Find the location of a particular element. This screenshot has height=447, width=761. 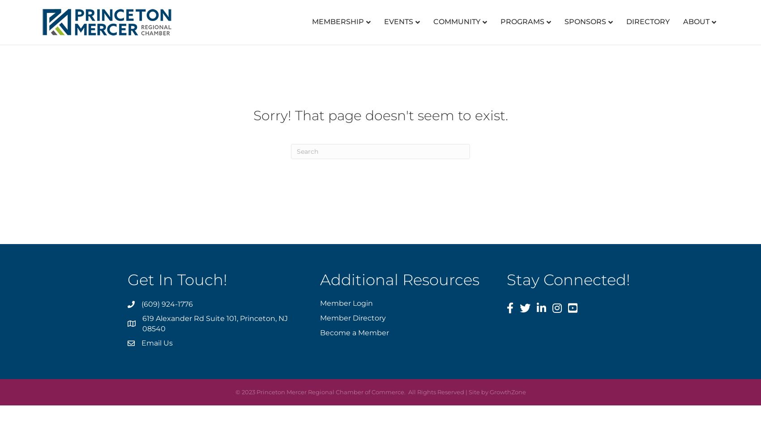

'Member Directory' is located at coordinates (352, 317).